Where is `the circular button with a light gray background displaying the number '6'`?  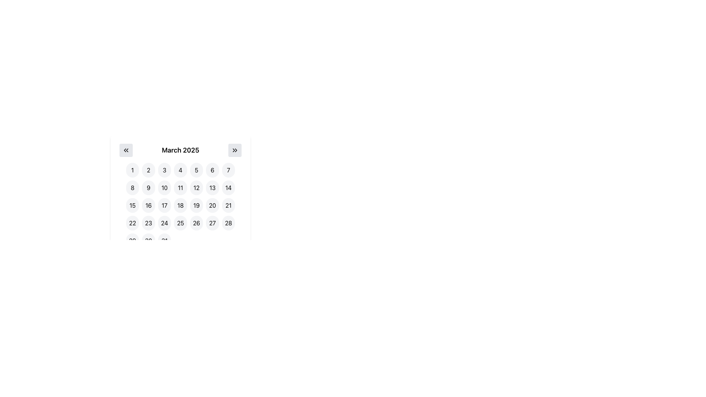 the circular button with a light gray background displaying the number '6' is located at coordinates (212, 170).